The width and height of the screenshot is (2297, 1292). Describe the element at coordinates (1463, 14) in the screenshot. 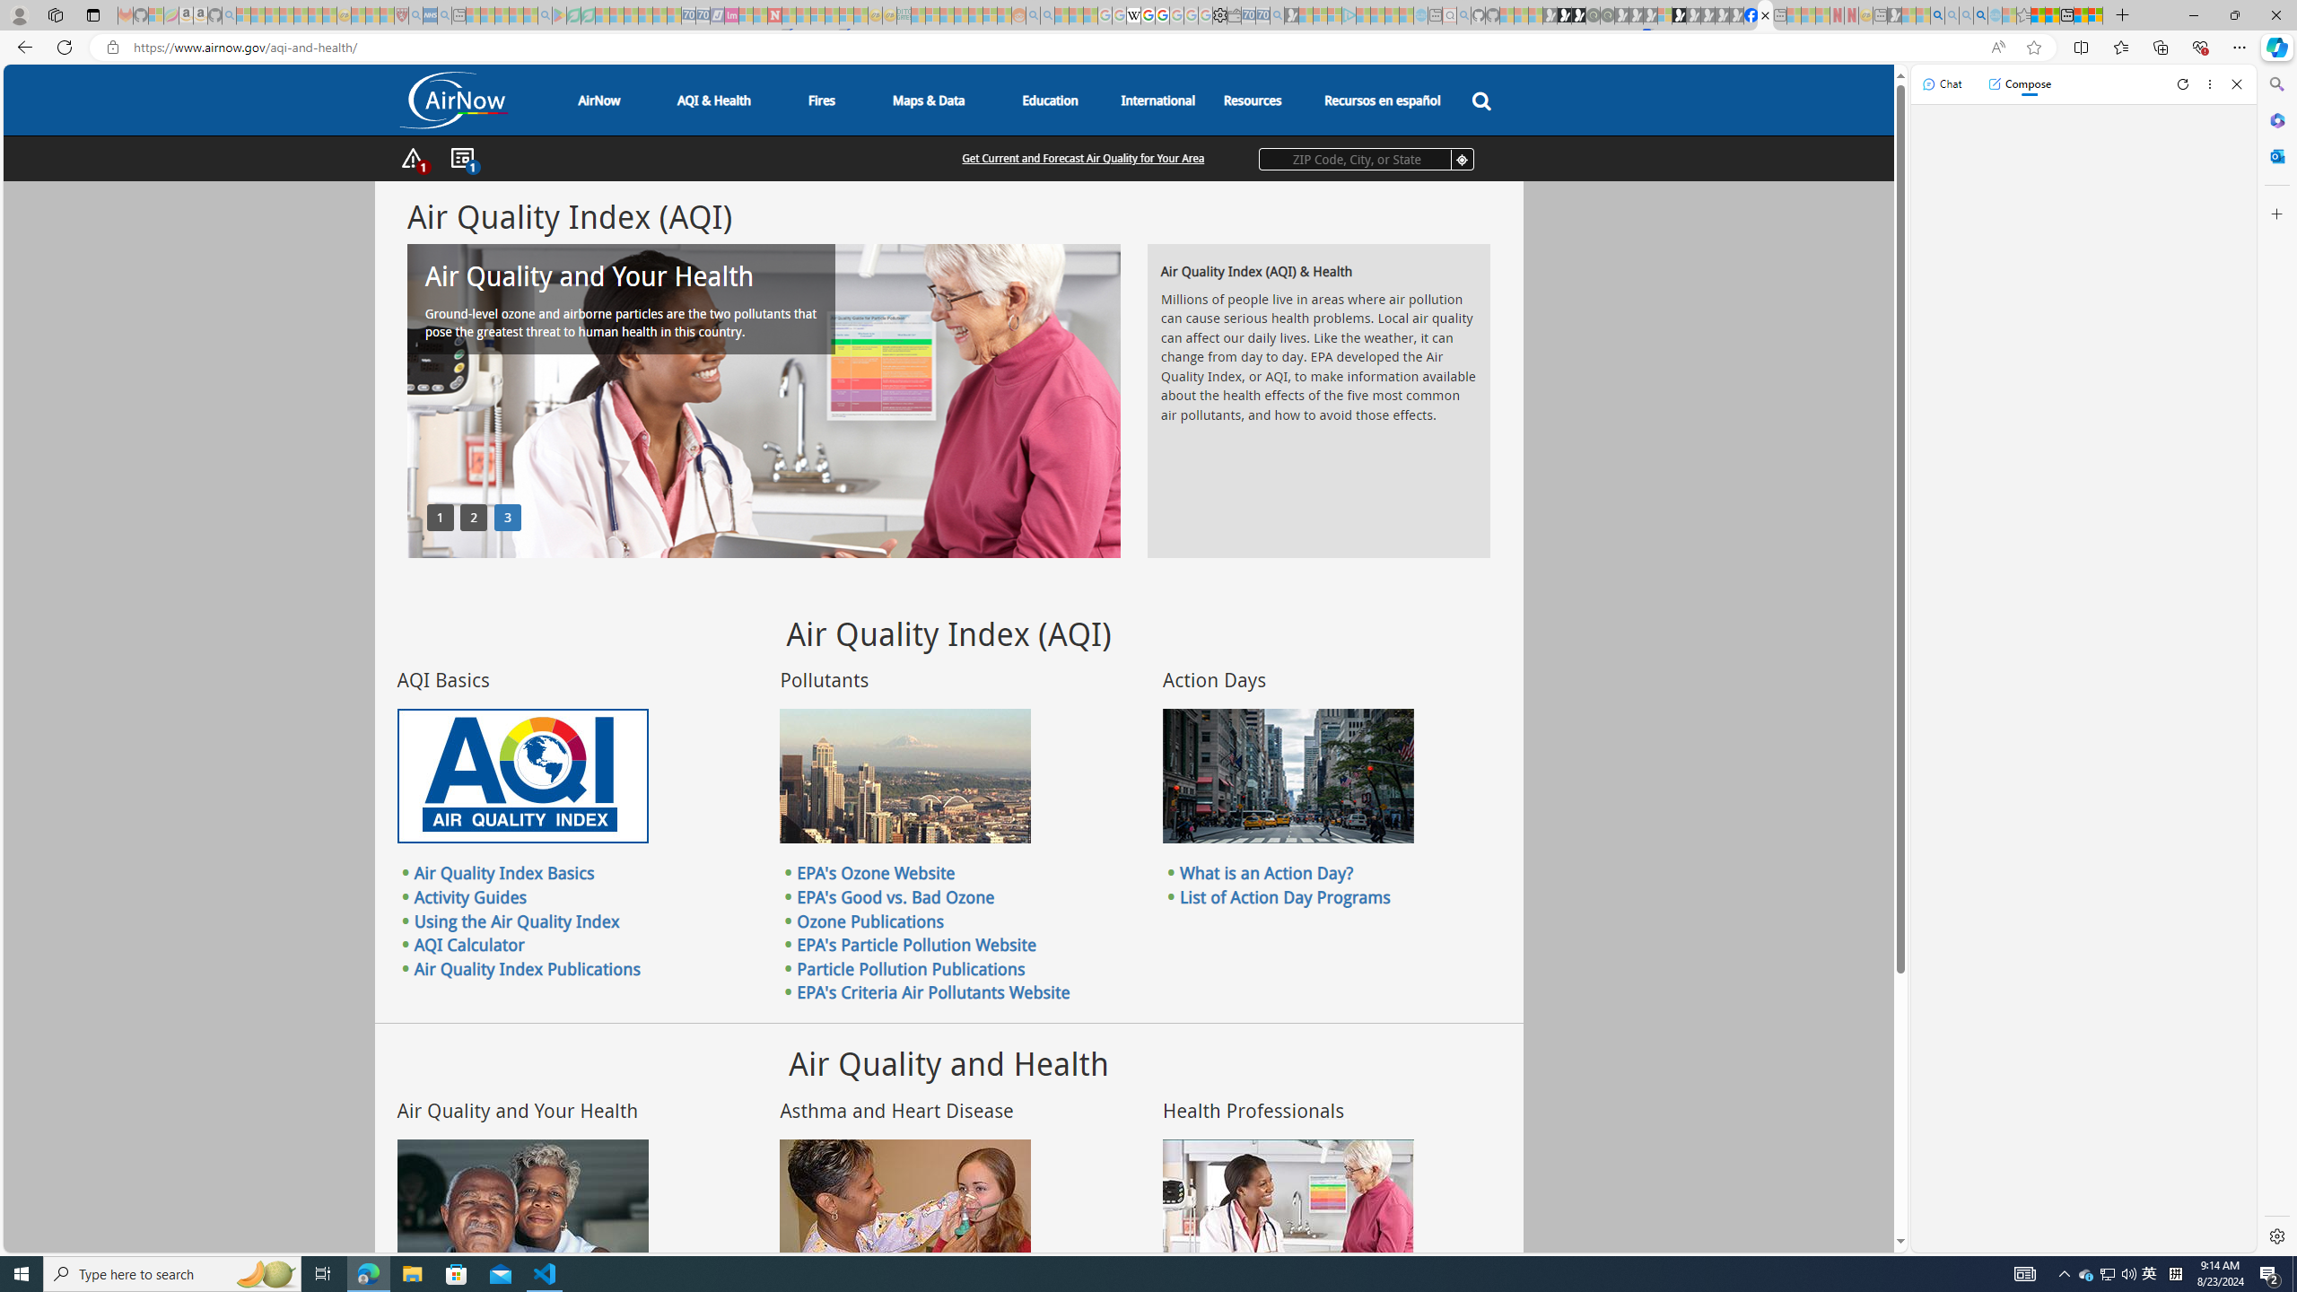

I see `'github - Search - Sleeping'` at that location.